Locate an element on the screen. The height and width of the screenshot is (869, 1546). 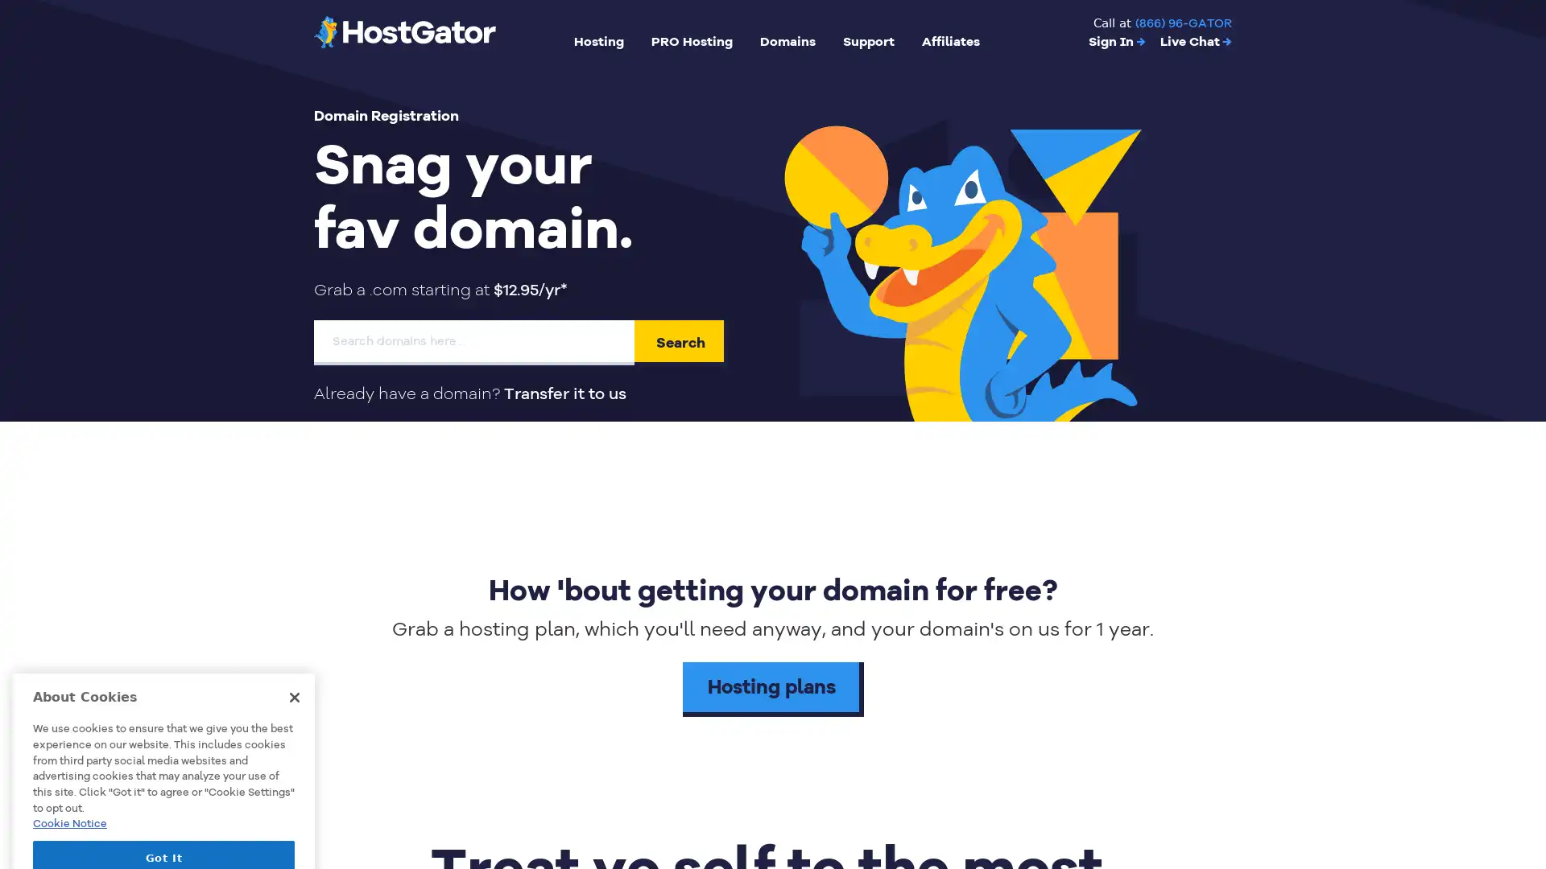
Got It is located at coordinates (163, 763).